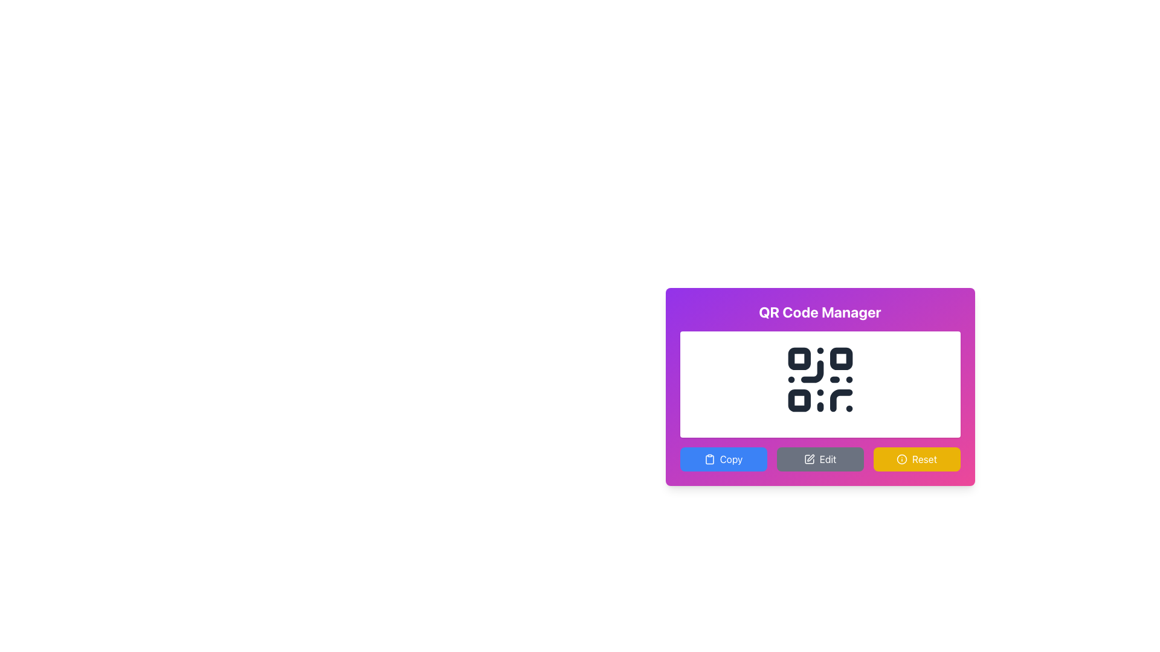 The height and width of the screenshot is (652, 1160). I want to click on the edit button located in the center of the horizontal group of three buttons at the bottom of the 'QR Code Manager' interface, positioned to the right of the 'Copy' button and to the left of the 'Reset' button, so click(820, 459).